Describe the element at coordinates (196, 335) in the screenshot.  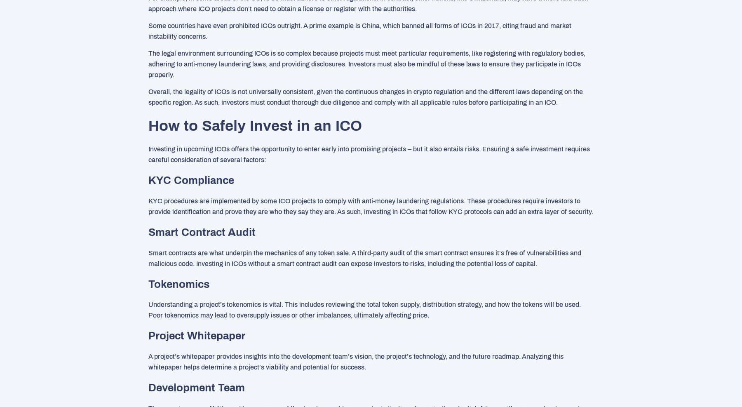
I see `'Project Whitepaper'` at that location.